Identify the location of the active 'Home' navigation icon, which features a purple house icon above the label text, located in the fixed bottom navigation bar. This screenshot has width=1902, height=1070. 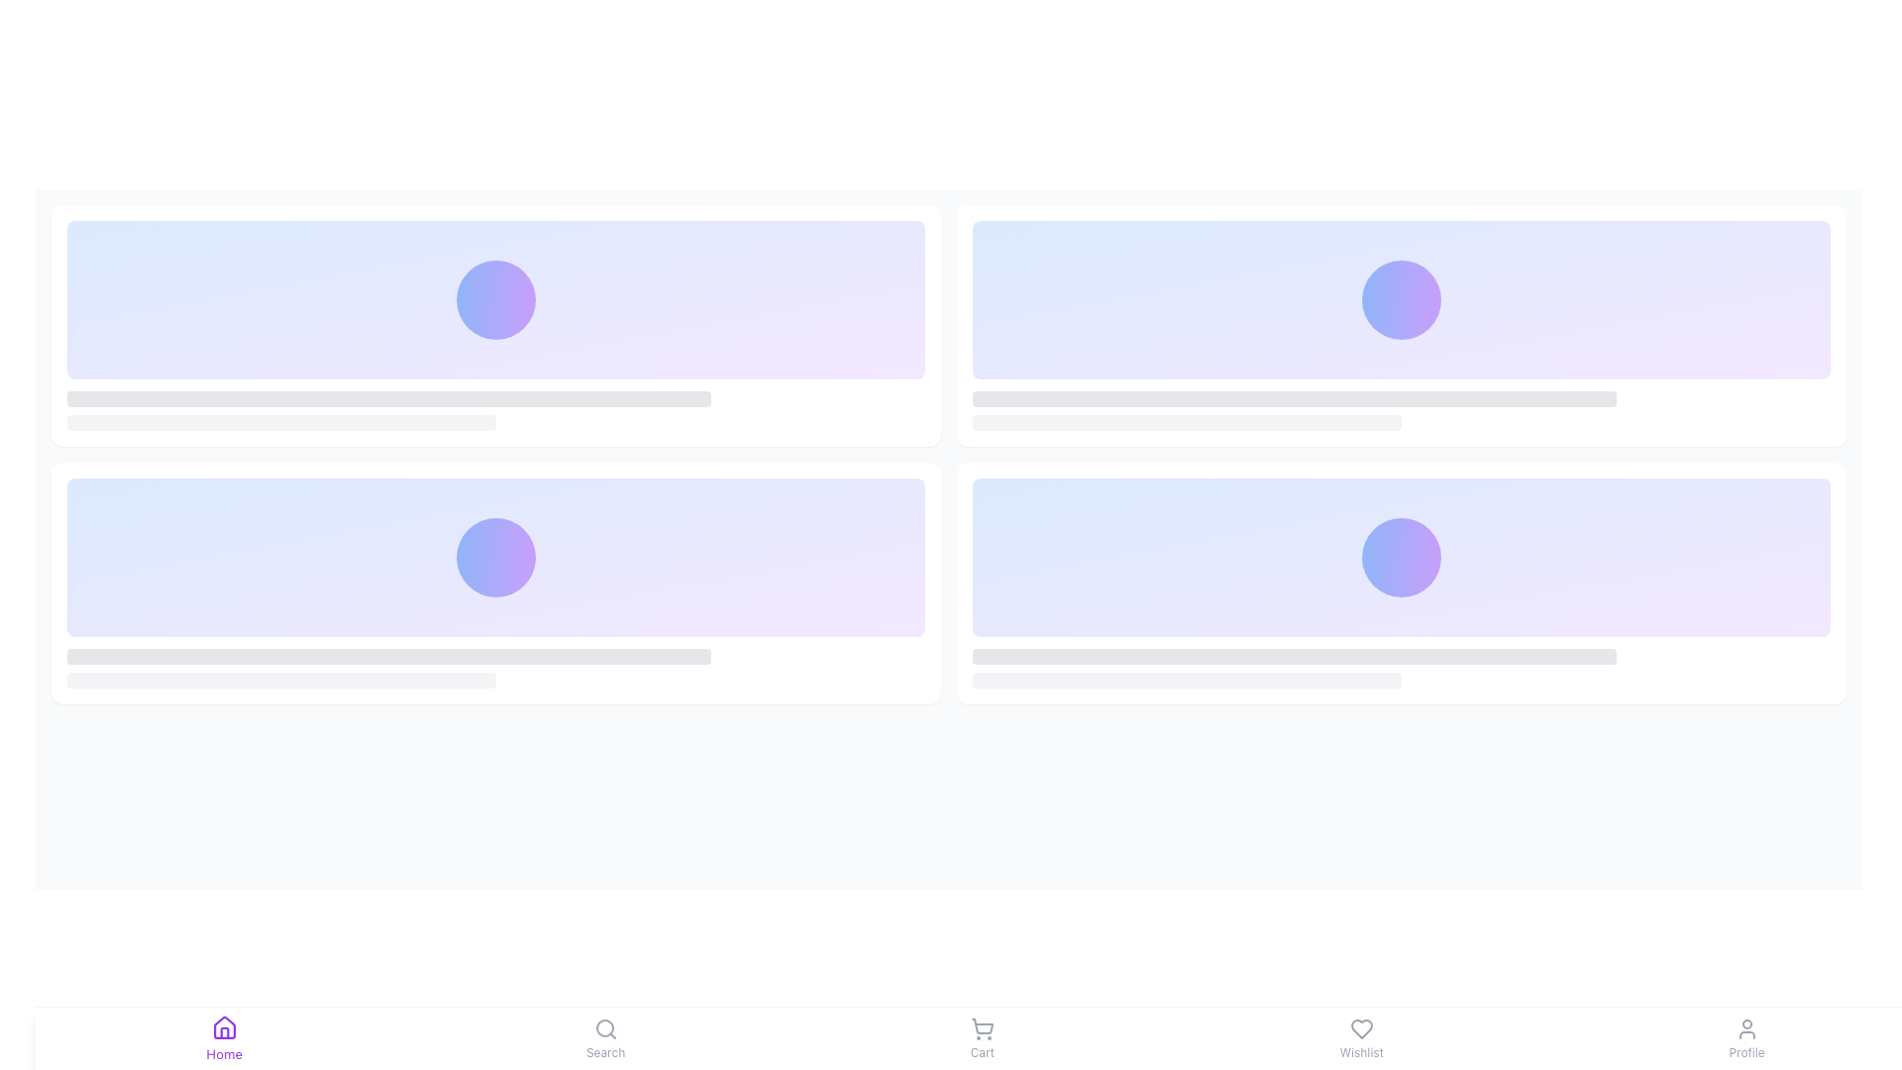
(224, 1037).